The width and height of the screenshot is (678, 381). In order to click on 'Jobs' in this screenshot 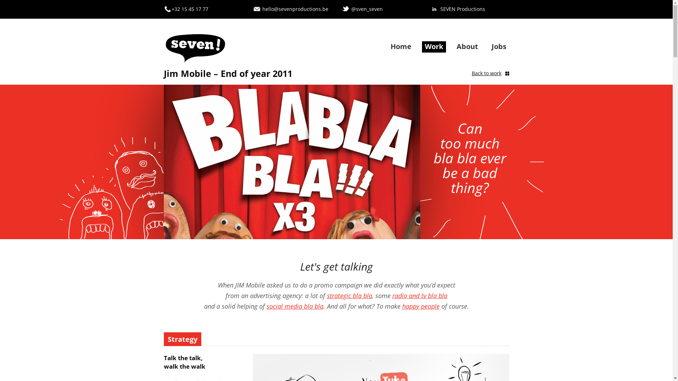, I will do `click(498, 46)`.